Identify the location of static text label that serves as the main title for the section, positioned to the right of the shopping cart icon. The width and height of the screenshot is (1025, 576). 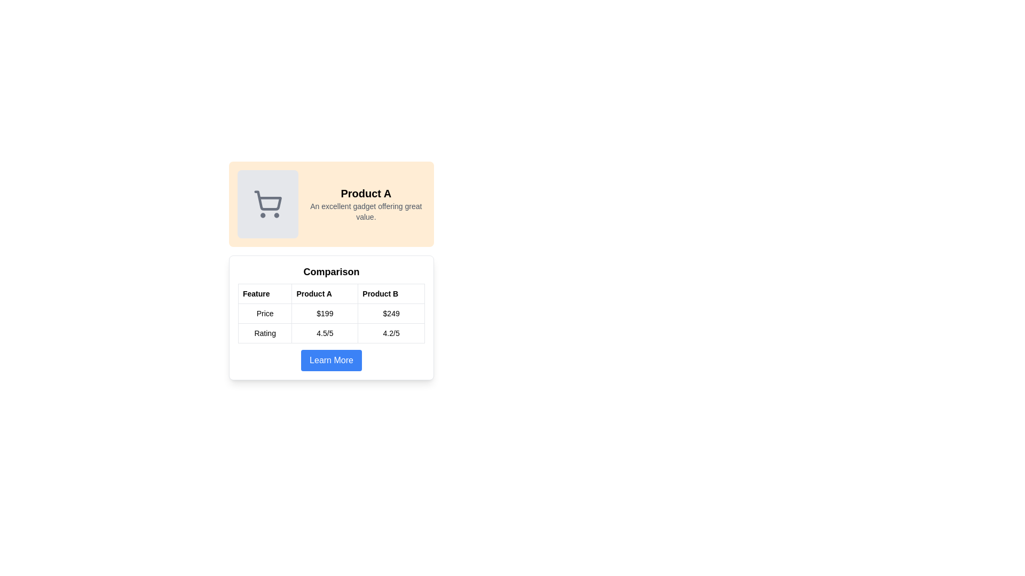
(366, 193).